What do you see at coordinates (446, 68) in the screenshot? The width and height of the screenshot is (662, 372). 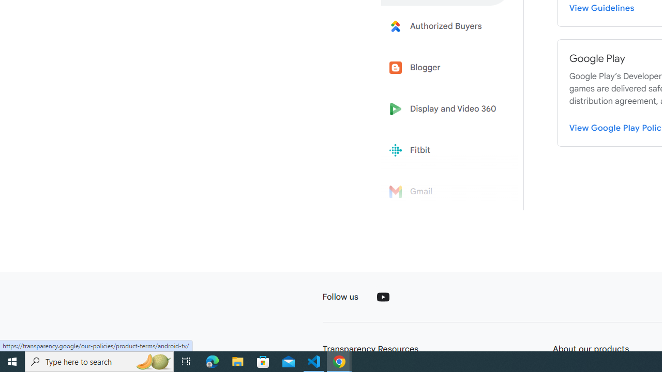 I see `'Blogger'` at bounding box center [446, 68].